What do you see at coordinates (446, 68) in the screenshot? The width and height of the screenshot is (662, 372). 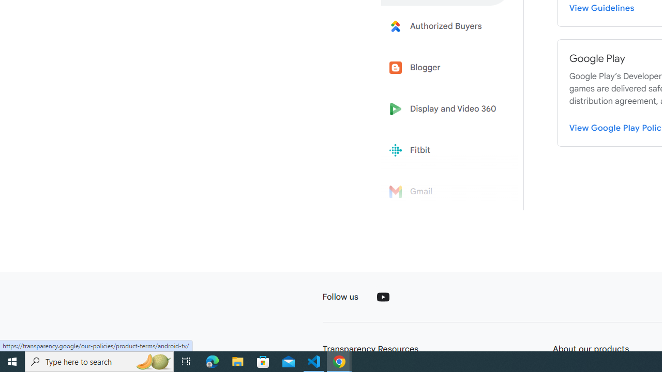 I see `'Blogger'` at bounding box center [446, 68].